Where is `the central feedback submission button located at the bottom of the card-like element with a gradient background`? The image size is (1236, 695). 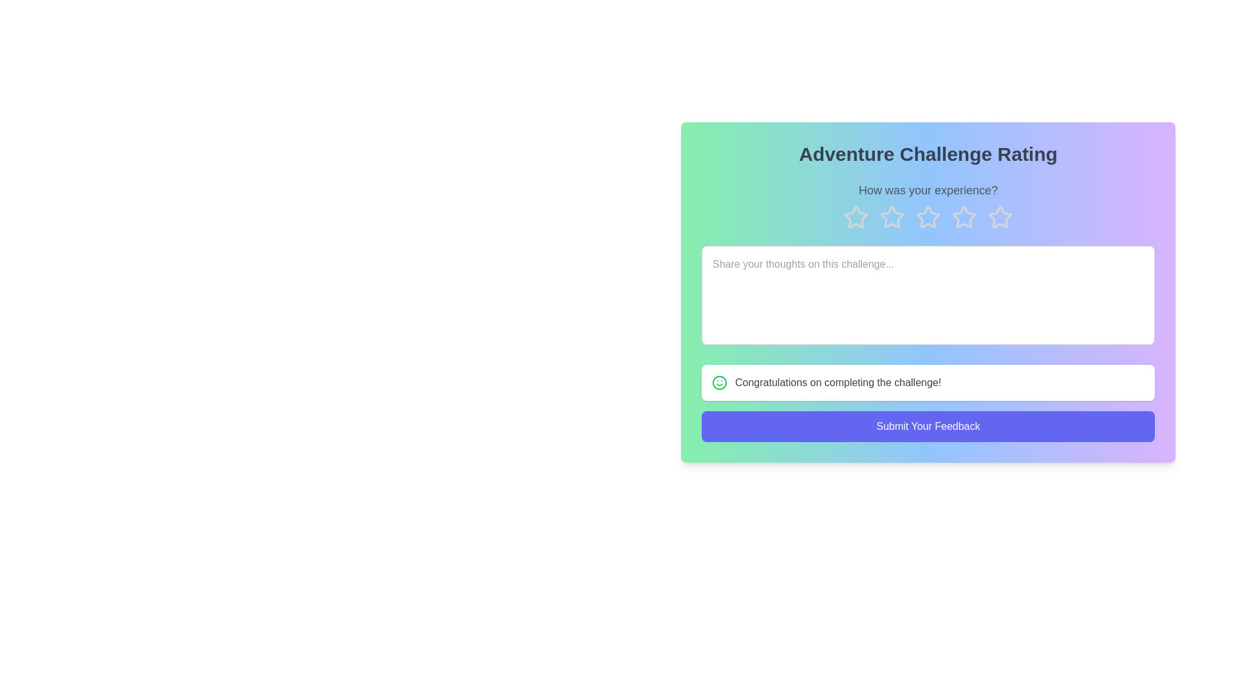 the central feedback submission button located at the bottom of the card-like element with a gradient background is located at coordinates (928, 427).